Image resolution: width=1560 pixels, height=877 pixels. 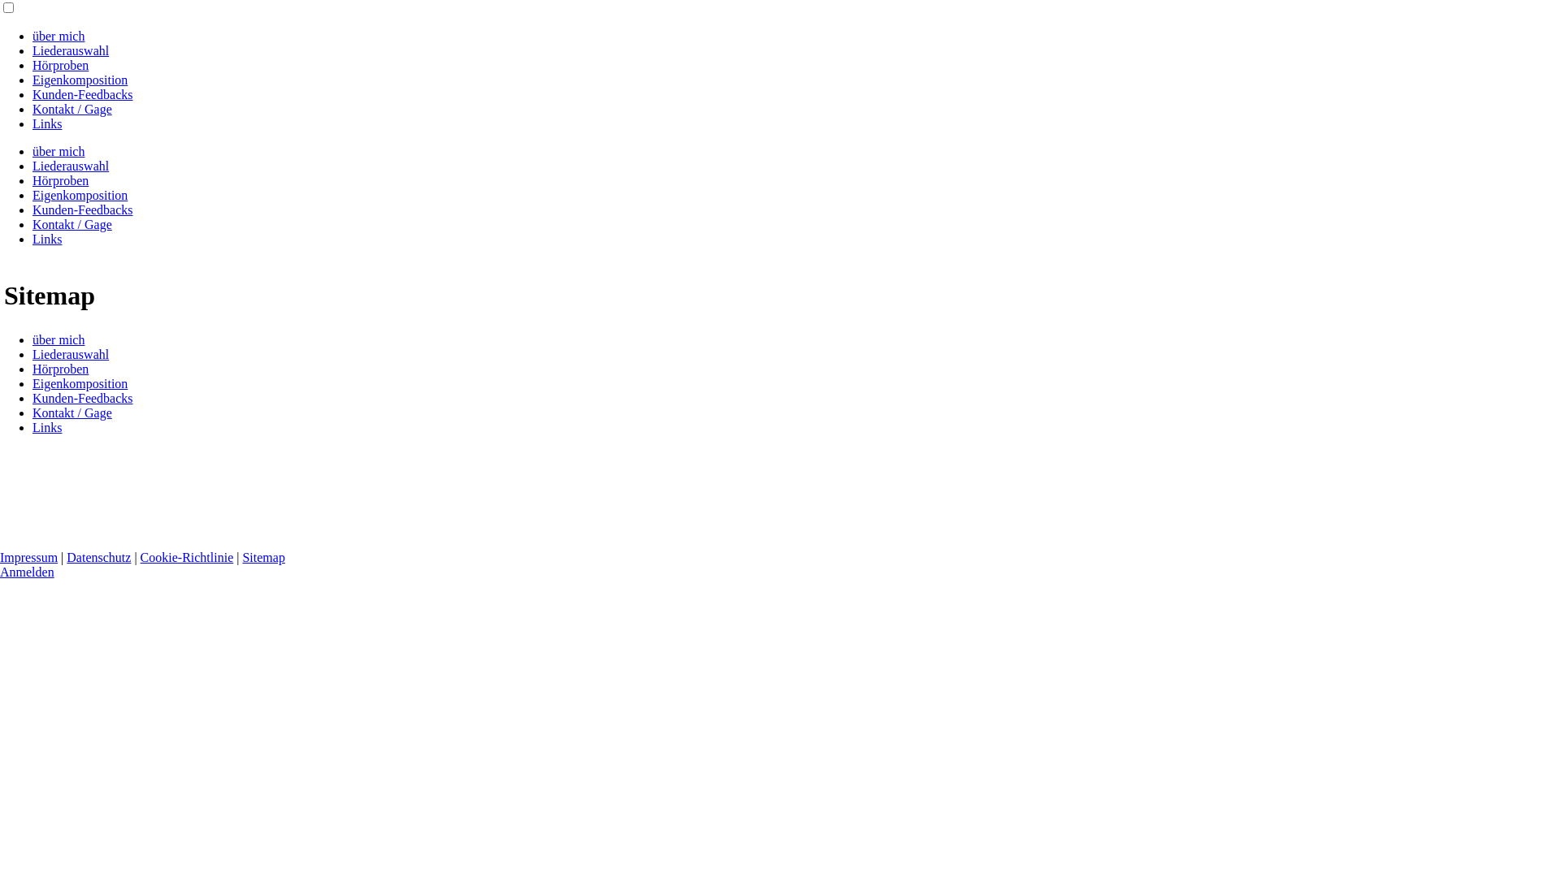 What do you see at coordinates (0, 571) in the screenshot?
I see `'Anmelden'` at bounding box center [0, 571].